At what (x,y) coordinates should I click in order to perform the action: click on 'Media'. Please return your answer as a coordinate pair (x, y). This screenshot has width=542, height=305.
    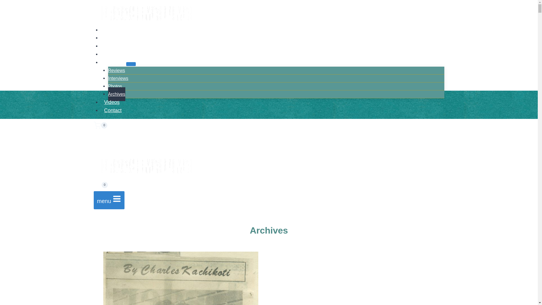
    Looking at the image, I should click on (113, 62).